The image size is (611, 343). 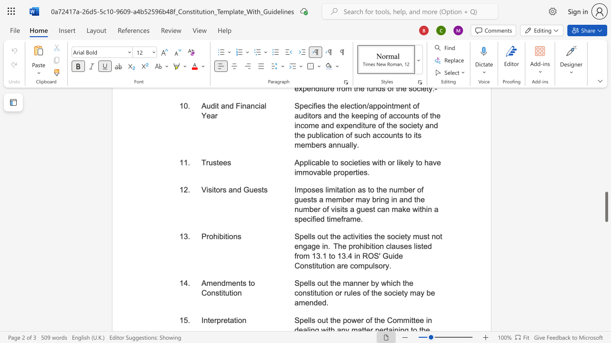 I want to click on the scrollbar to slide the page up, so click(x=606, y=176).